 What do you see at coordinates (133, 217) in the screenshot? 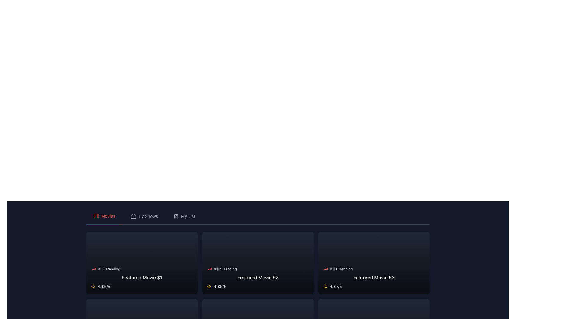
I see `the graphical icon component (rectangle) located within the TV or monitor depiction, below the triangular antenna shape` at bounding box center [133, 217].